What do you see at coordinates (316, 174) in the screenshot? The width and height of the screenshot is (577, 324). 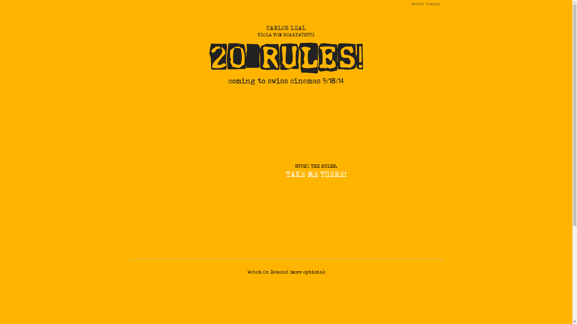 I see `'TAKE ME THERE!'` at bounding box center [316, 174].